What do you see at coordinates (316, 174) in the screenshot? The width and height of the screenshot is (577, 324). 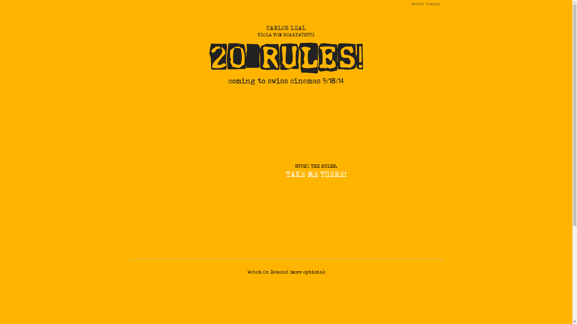 I see `'TAKE ME THERE!'` at bounding box center [316, 174].